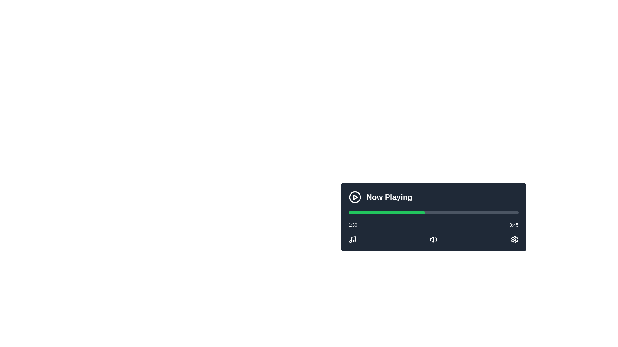  Describe the element at coordinates (386, 213) in the screenshot. I see `the green progress bar located within the gray rectangular progress bar, which visually represents the progress of a task in the media playback interface` at that location.